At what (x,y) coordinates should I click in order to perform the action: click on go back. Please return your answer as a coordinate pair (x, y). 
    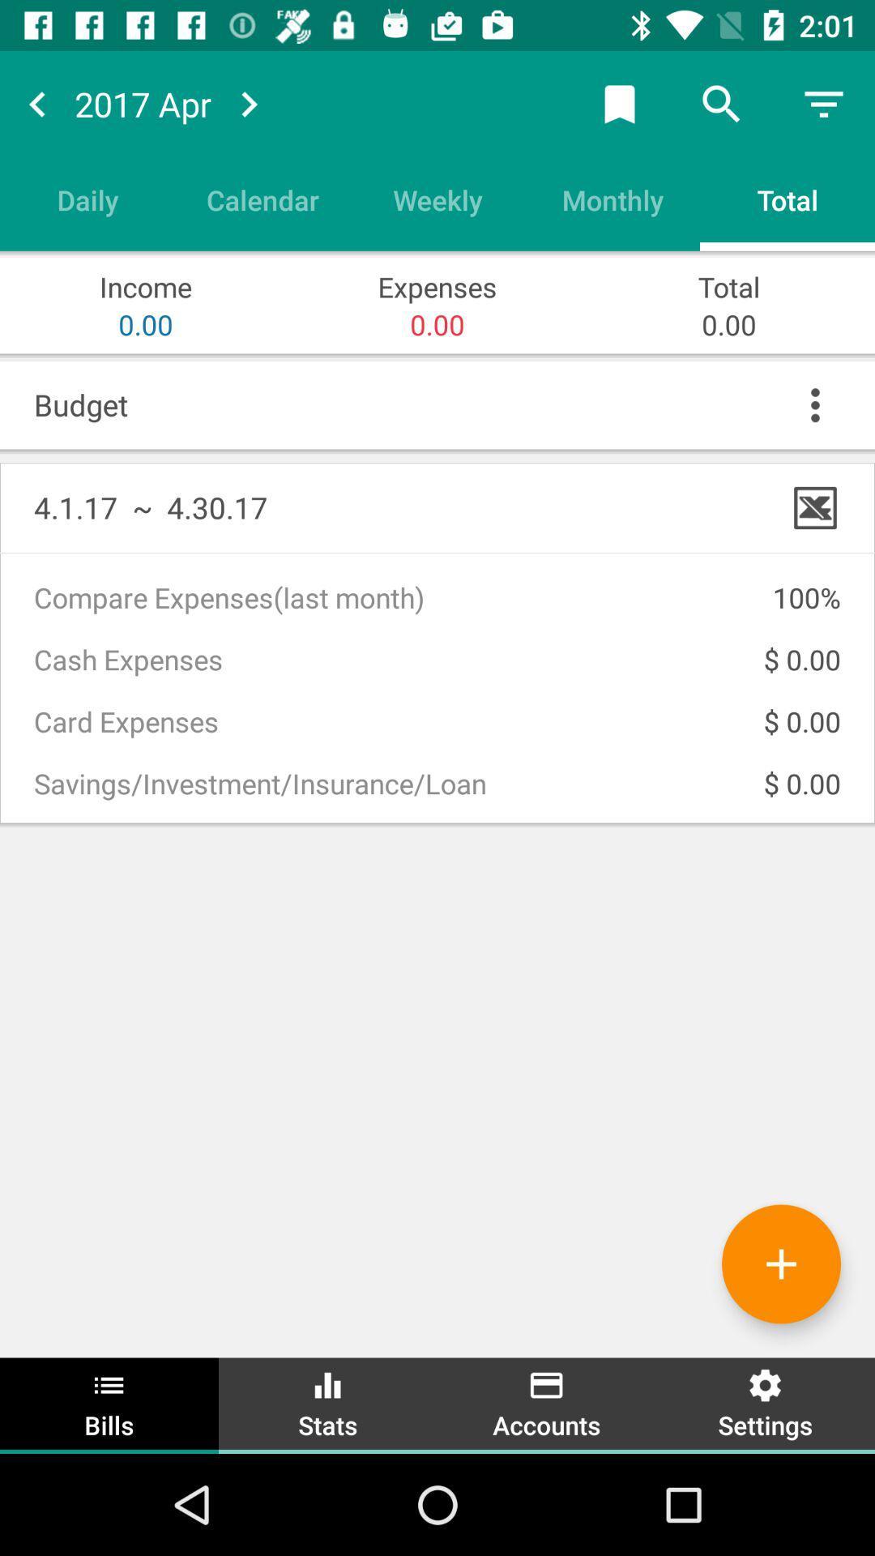
    Looking at the image, I should click on (36, 103).